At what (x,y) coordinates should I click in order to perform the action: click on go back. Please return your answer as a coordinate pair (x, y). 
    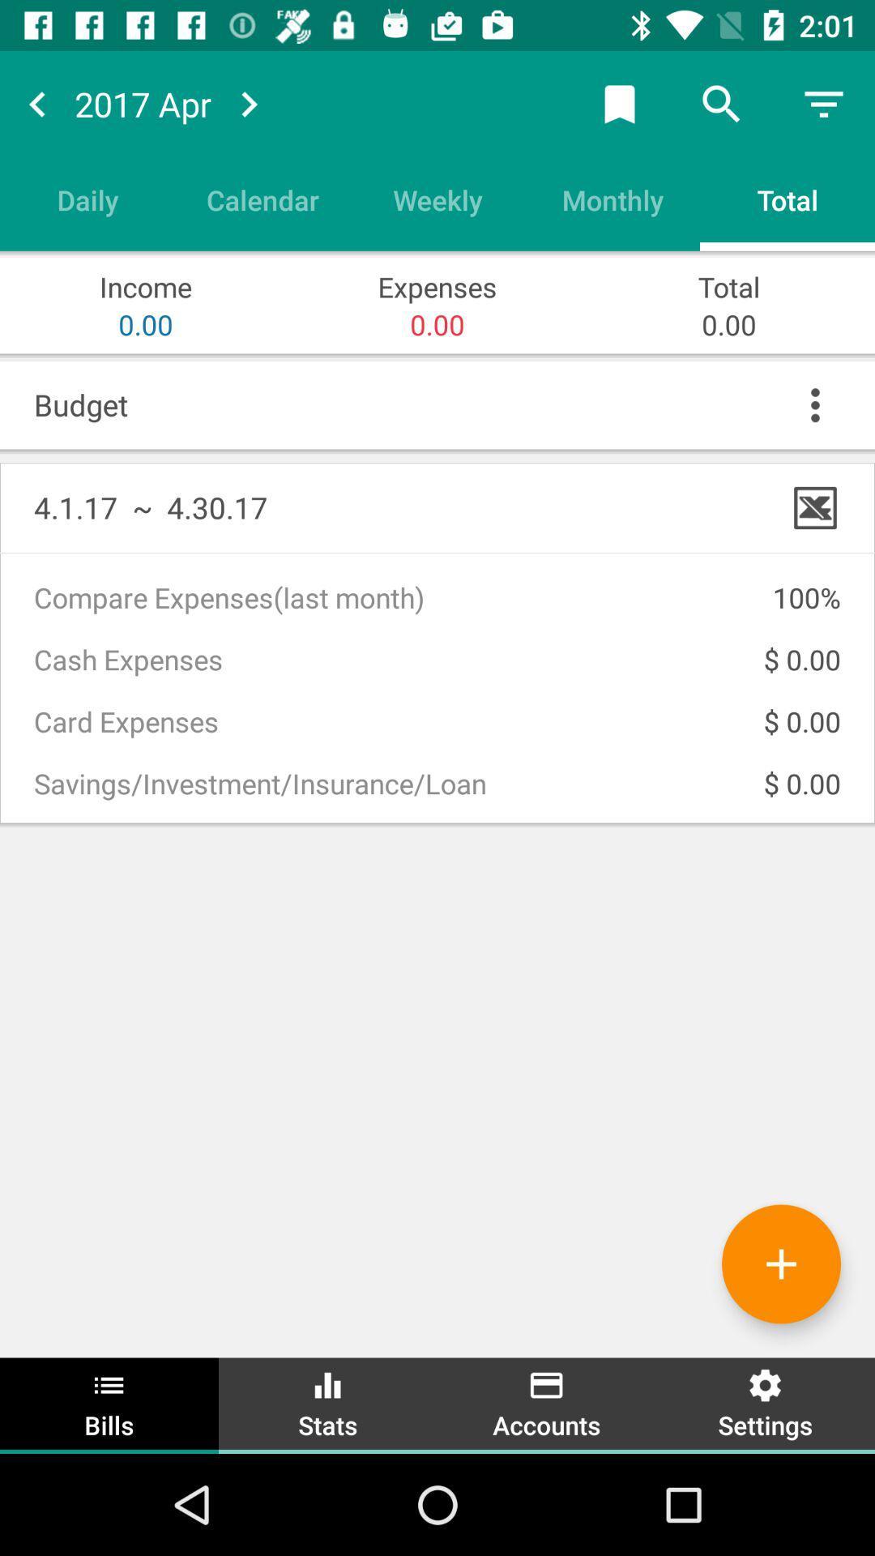
    Looking at the image, I should click on (36, 103).